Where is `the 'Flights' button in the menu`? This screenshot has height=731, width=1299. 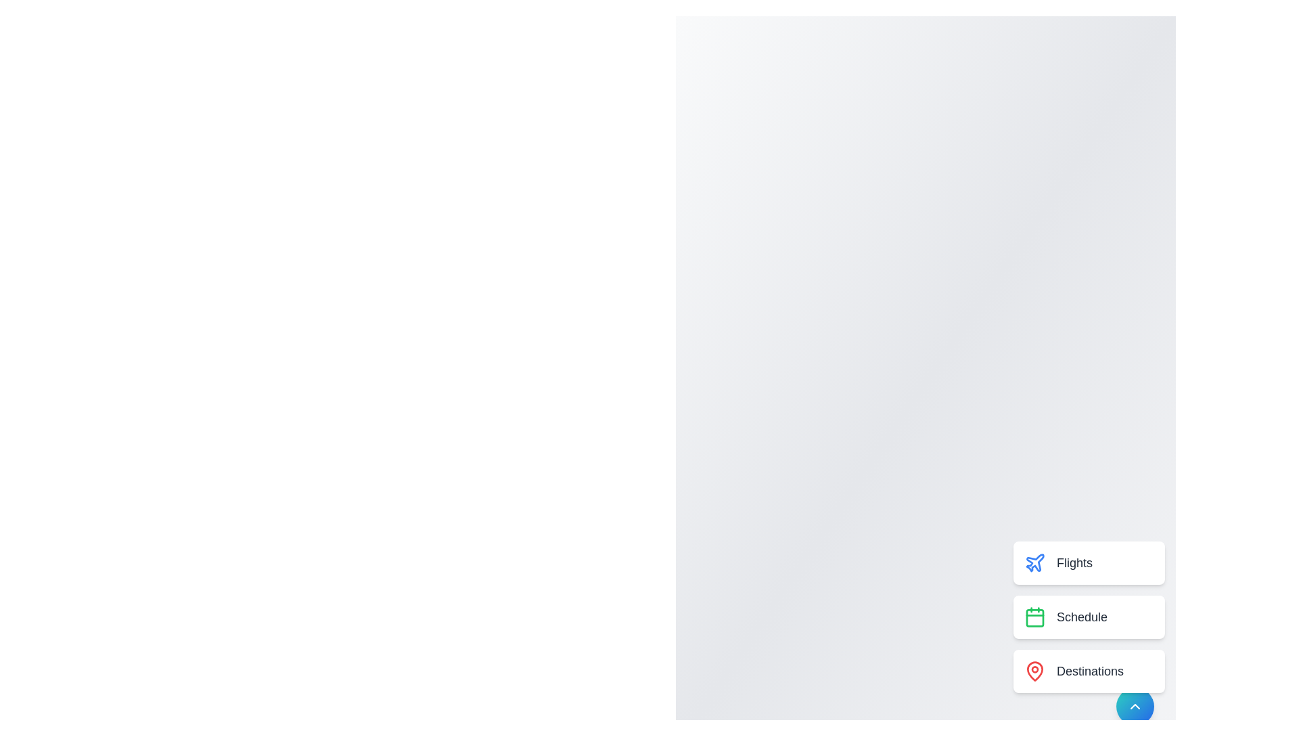 the 'Flights' button in the menu is located at coordinates (1089, 563).